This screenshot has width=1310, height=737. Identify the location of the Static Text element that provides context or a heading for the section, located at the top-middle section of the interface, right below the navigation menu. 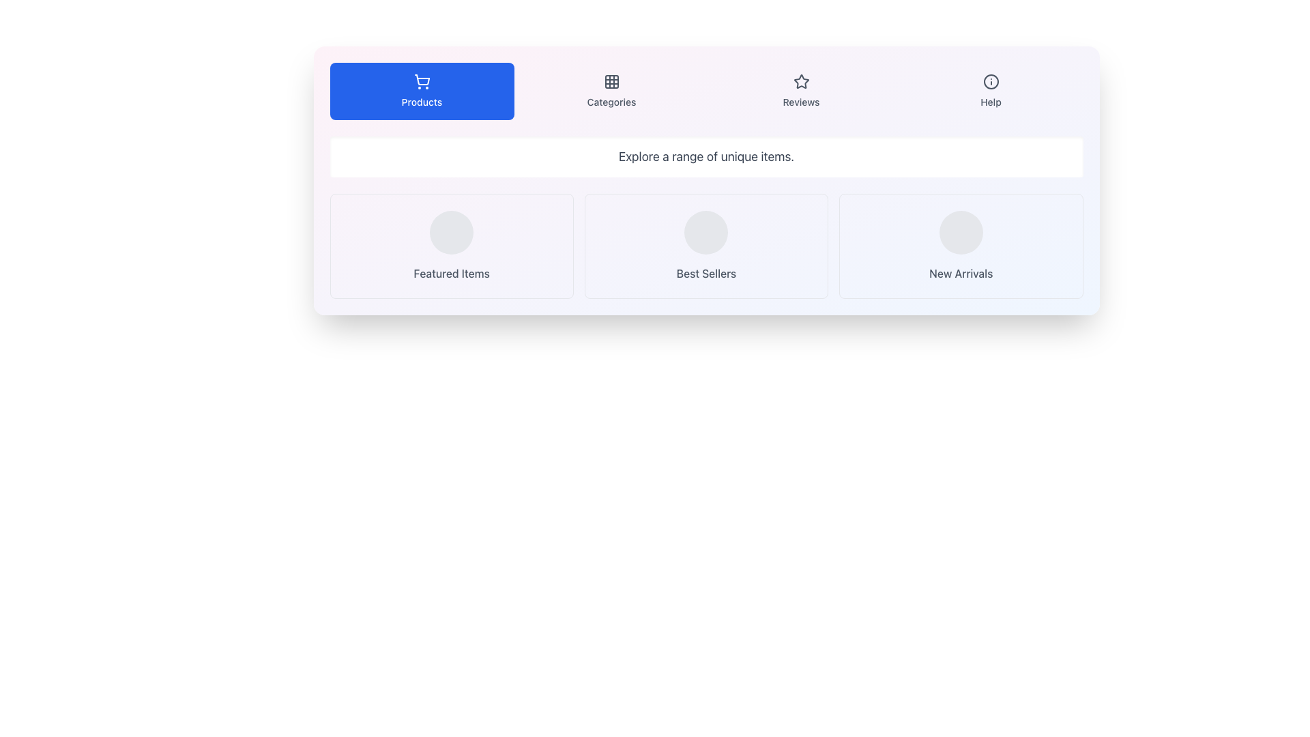
(706, 156).